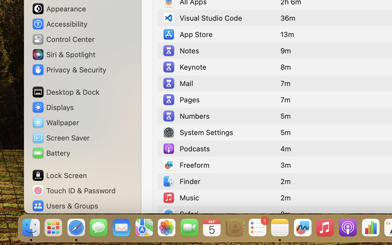 This screenshot has width=392, height=245. Describe the element at coordinates (180, 51) in the screenshot. I see `'Notes'` at that location.